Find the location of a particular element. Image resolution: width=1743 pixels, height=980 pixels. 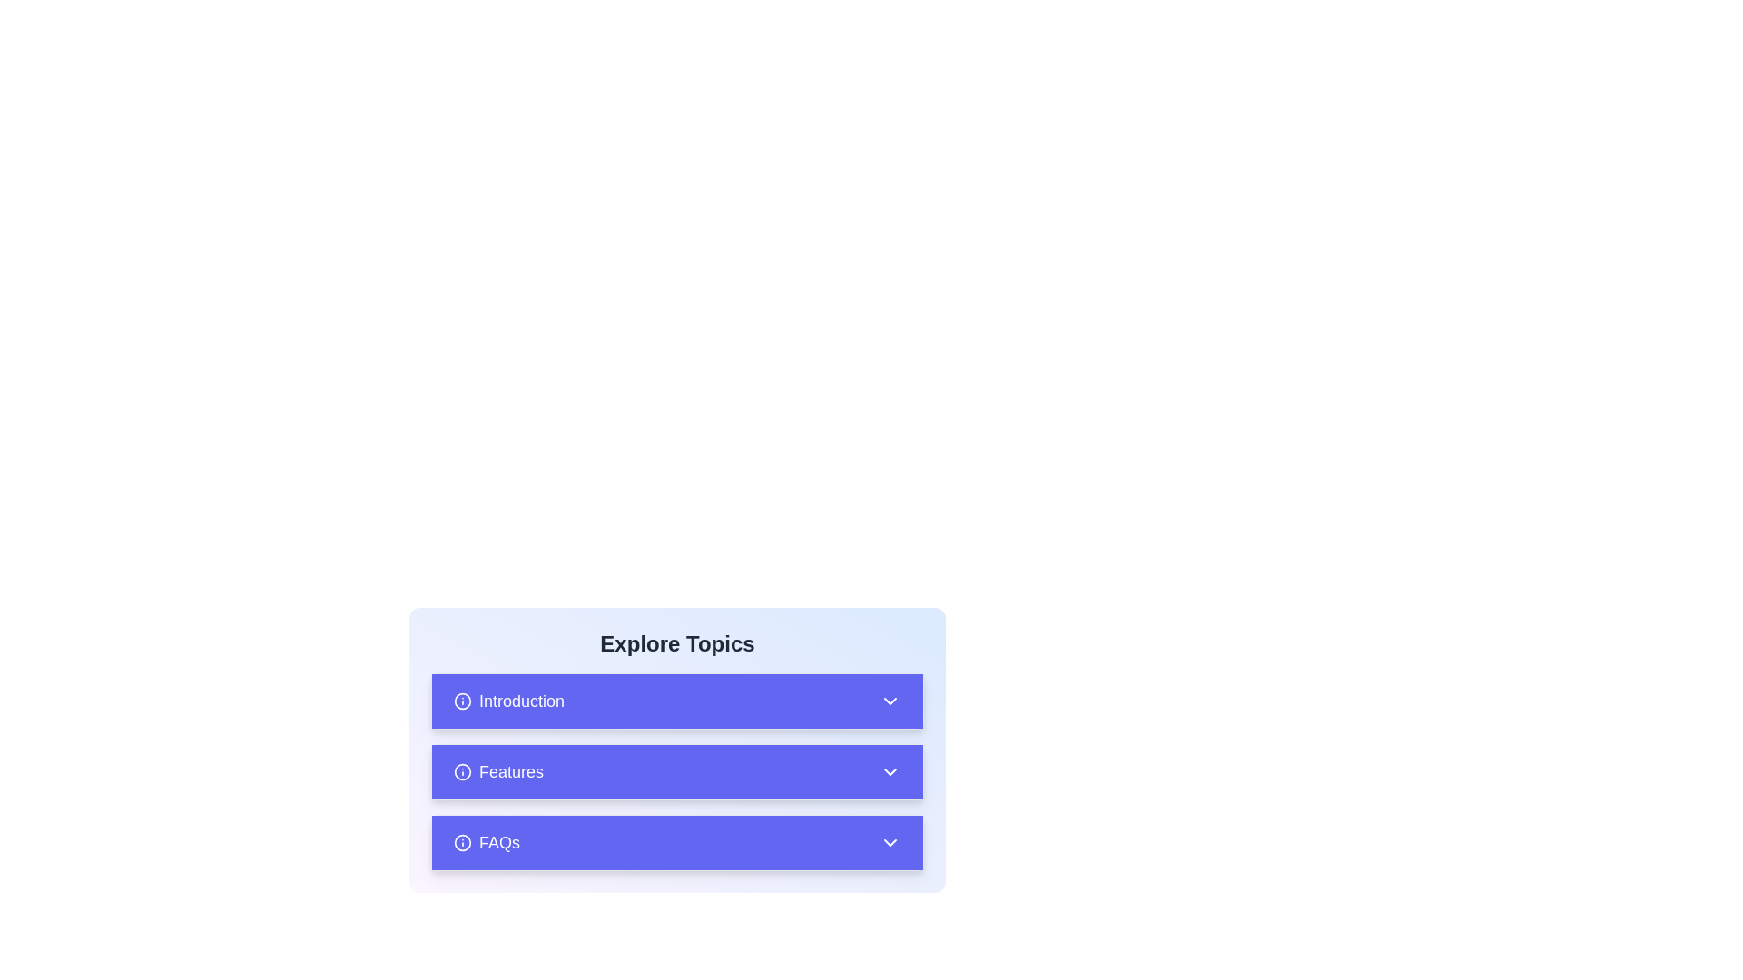

the 'Features' button located as the second item in a vertical list, positioned below 'Introduction' and above 'FAQs' is located at coordinates (676, 740).